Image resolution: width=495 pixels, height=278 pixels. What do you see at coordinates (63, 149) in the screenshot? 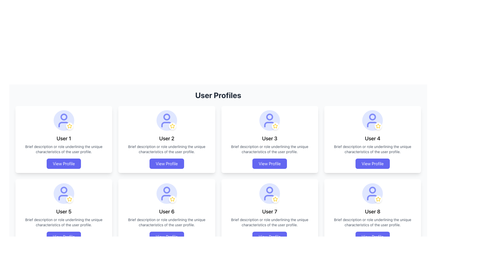
I see `the text element that provides a brief description of 'User 1' within the user profile card, which is in a small, gray font and positioned below the 'User 1' title and avatar icon` at bounding box center [63, 149].